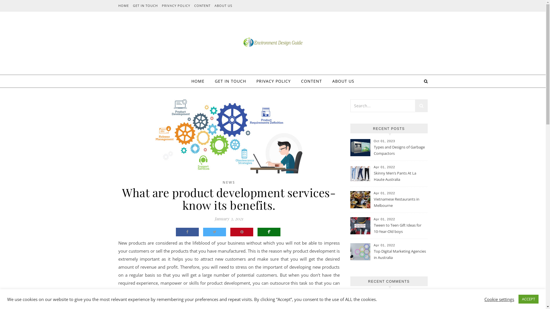 The height and width of the screenshot is (309, 550). I want to click on 'PRIVACY POLICY', so click(273, 81).